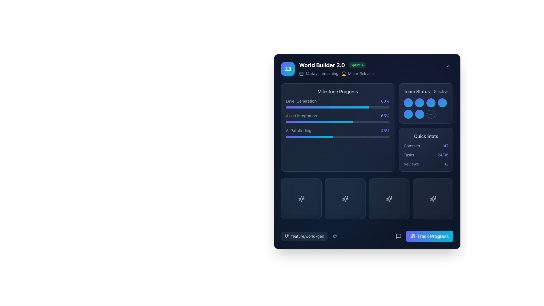 This screenshot has height=306, width=544. What do you see at coordinates (389, 198) in the screenshot?
I see `the decorative sparkles icon, which is the third icon from the left in the lower panel of the interface` at bounding box center [389, 198].